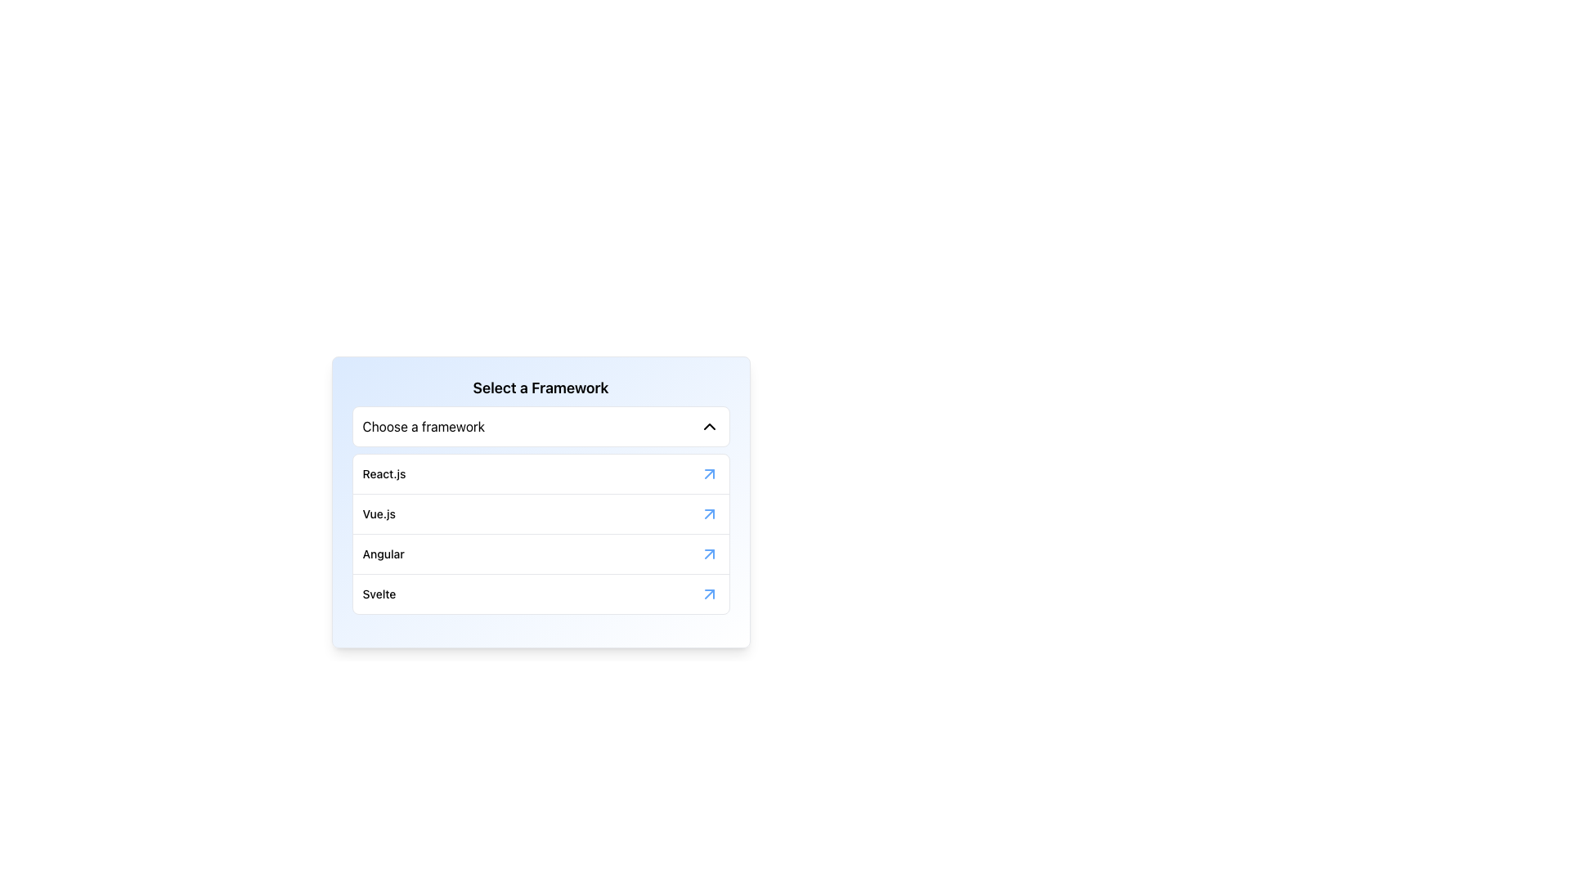 The height and width of the screenshot is (883, 1570). What do you see at coordinates (541, 553) in the screenshot?
I see `the third item in the 'Select a Framework' dropdown list, which is the option for 'Angular'` at bounding box center [541, 553].